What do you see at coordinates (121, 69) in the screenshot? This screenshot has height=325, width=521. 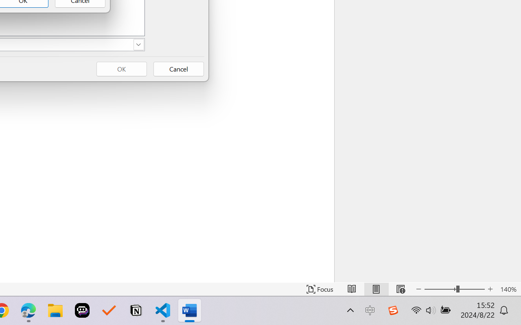 I see `'OK'` at bounding box center [121, 69].